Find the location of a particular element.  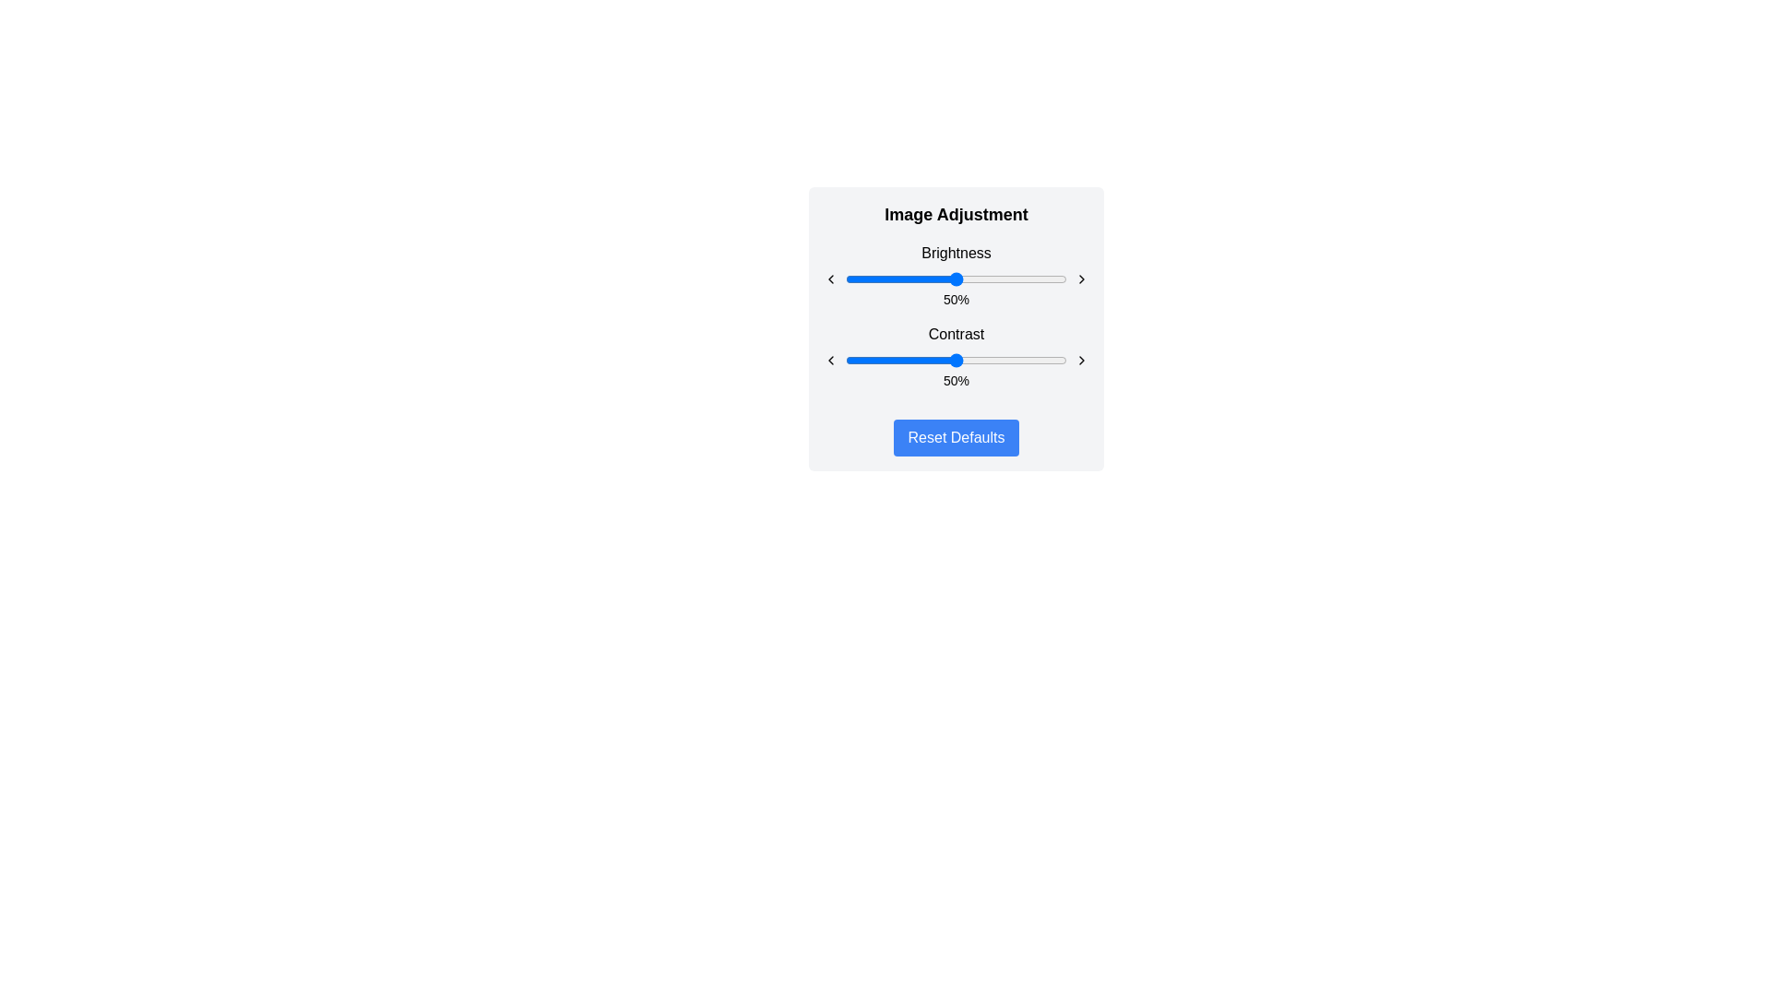

brightness is located at coordinates (1044, 279).